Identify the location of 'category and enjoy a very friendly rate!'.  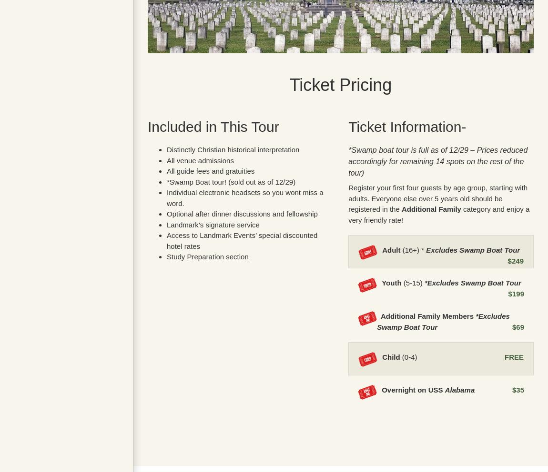
(439, 214).